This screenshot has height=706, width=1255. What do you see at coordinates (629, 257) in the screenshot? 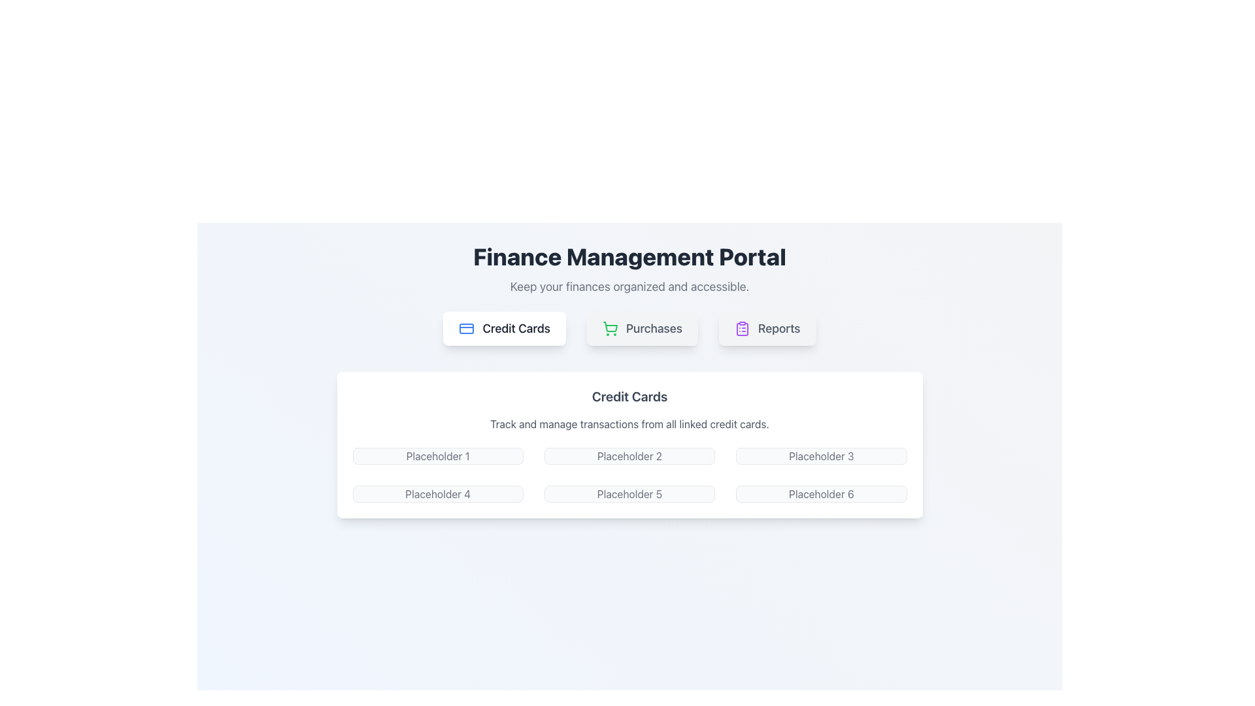
I see `the main heading at the top center of the webpage, which serves as the title and provides an immediate understanding of the content` at bounding box center [629, 257].